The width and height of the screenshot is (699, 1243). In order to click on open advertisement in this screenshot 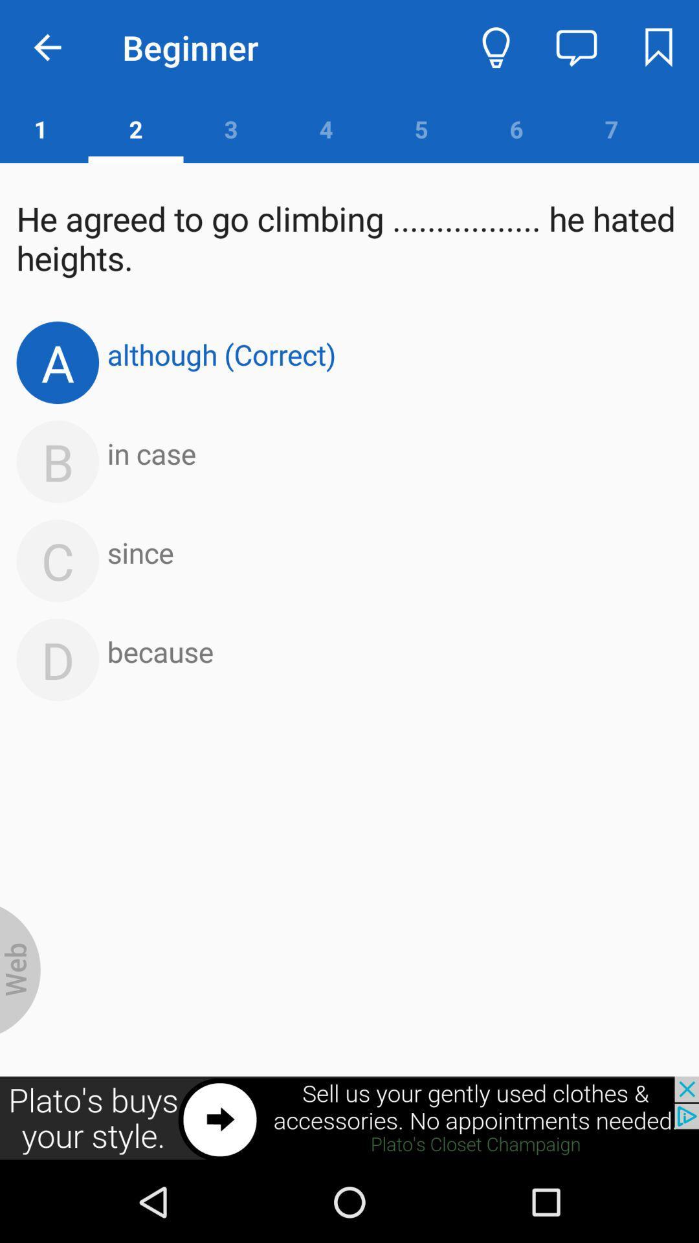, I will do `click(349, 1118)`.